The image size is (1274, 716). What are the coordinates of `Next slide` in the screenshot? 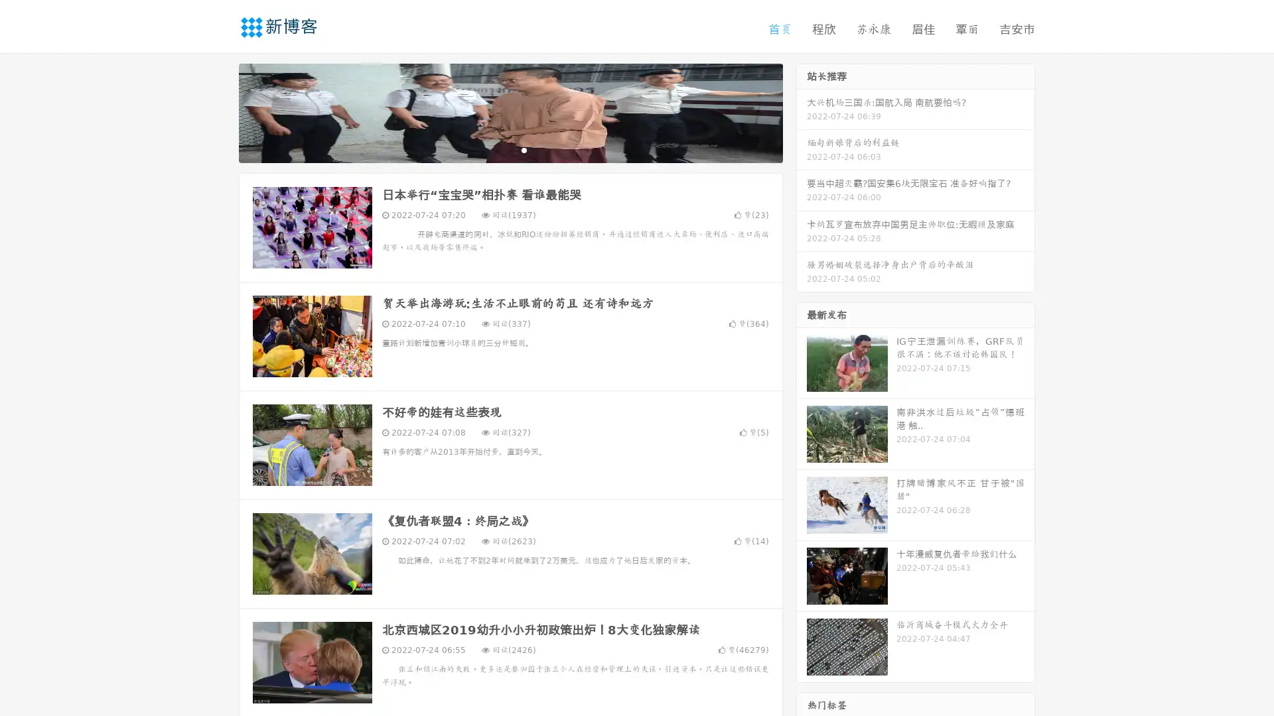 It's located at (802, 111).